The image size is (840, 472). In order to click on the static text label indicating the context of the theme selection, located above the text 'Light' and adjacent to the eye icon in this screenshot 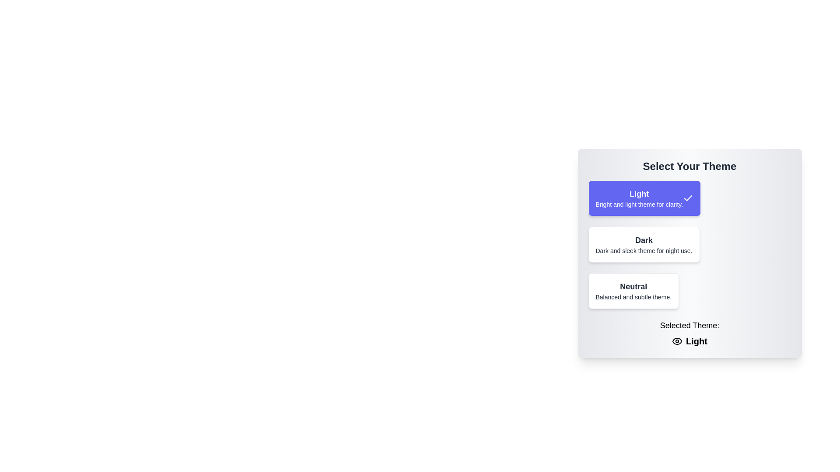, I will do `click(689, 325)`.